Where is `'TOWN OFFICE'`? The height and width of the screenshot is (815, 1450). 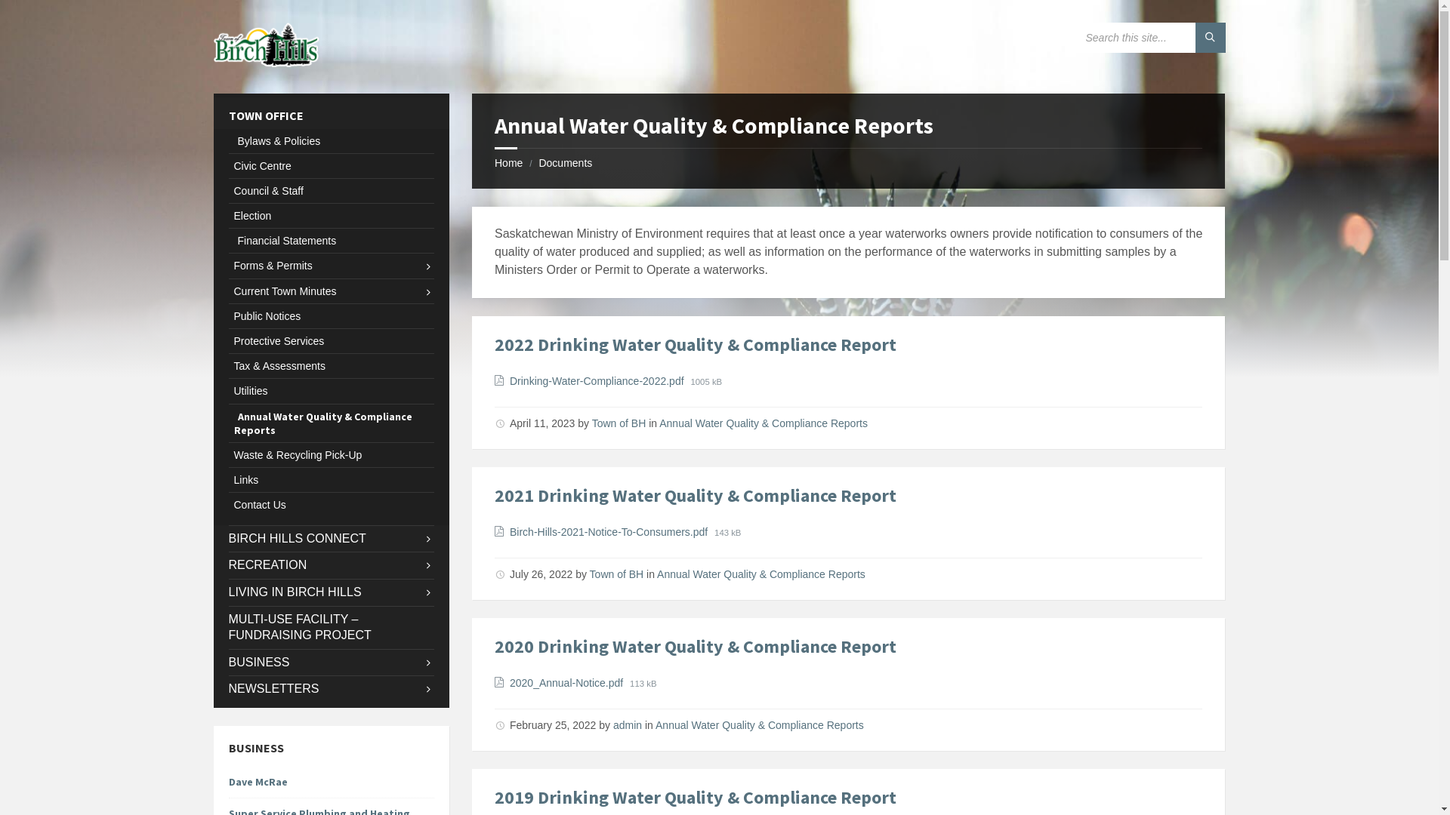 'TOWN OFFICE' is located at coordinates (329, 115).